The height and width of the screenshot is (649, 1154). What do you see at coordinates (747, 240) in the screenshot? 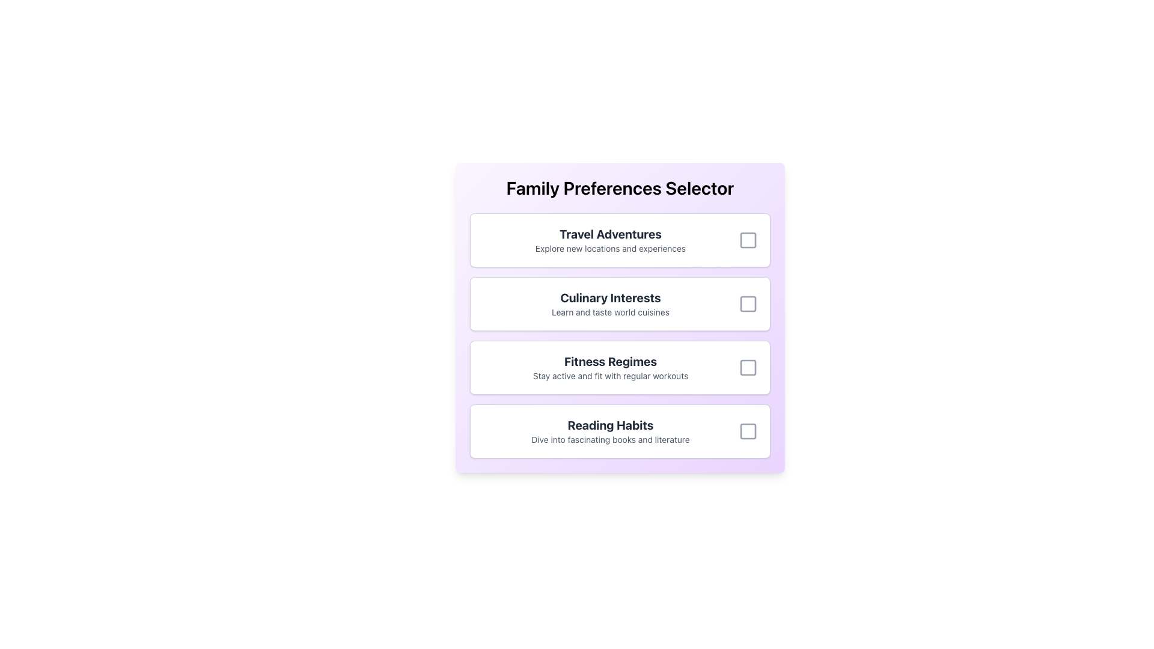
I see `the checkbox element located at the far right end of the 'Travel Adventures' row, which is a square-shaped icon with a hollow interior and rounded corners` at bounding box center [747, 240].